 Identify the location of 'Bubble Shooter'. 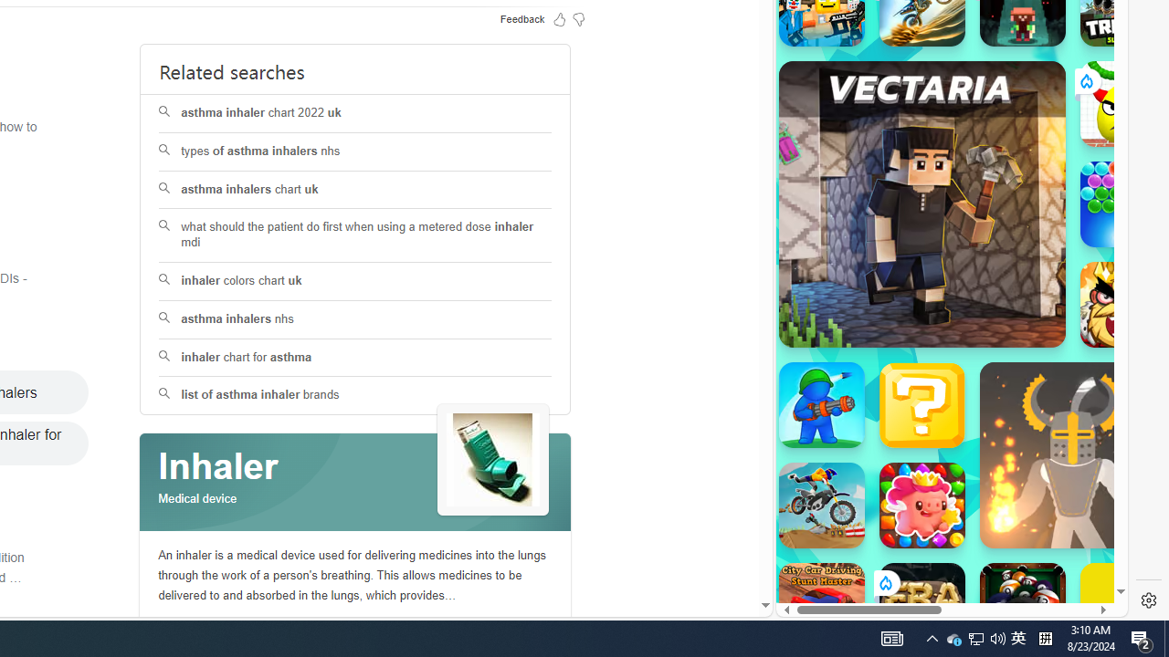
(1122, 203).